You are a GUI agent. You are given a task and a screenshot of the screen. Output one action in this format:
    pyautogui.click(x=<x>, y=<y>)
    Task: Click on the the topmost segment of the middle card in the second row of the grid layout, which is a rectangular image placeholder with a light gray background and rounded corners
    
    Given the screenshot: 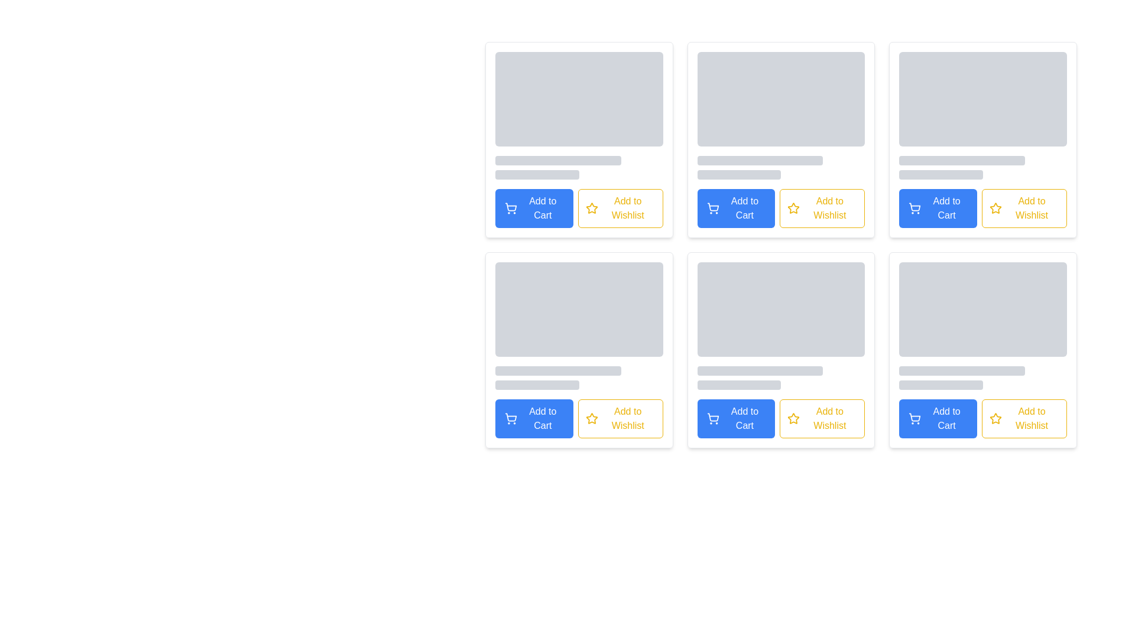 What is the action you would take?
    pyautogui.click(x=781, y=309)
    